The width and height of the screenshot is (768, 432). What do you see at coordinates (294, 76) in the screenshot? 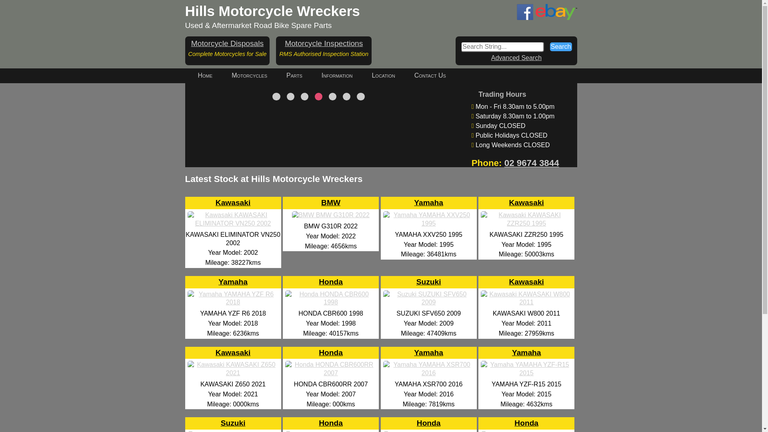
I see `'Parts'` at bounding box center [294, 76].